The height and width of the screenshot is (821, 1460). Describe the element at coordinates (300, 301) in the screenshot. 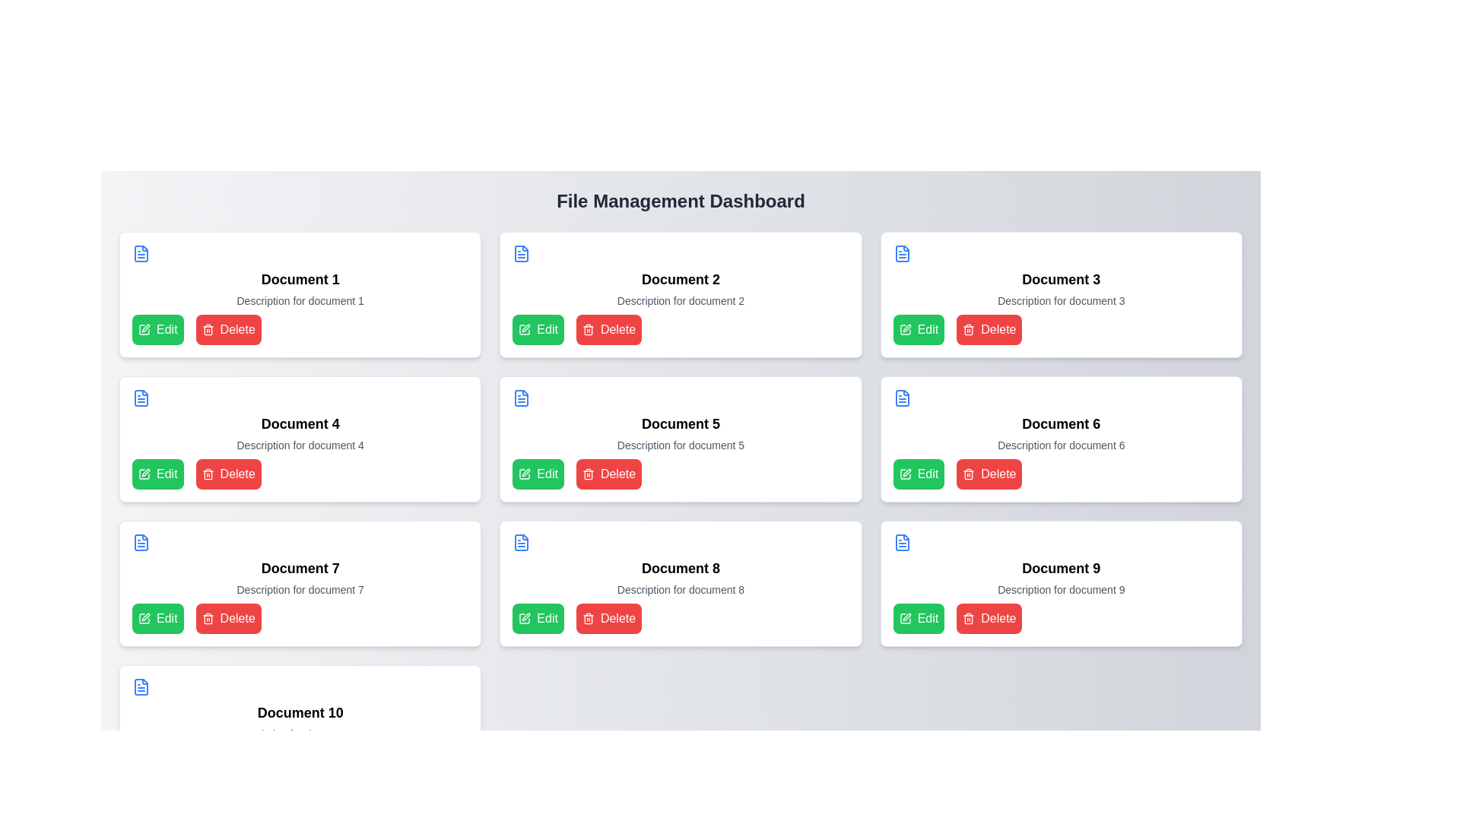

I see `the non-interactive text element that provides a description for 'Document 1', located within the first document card in the file management dashboard` at that location.